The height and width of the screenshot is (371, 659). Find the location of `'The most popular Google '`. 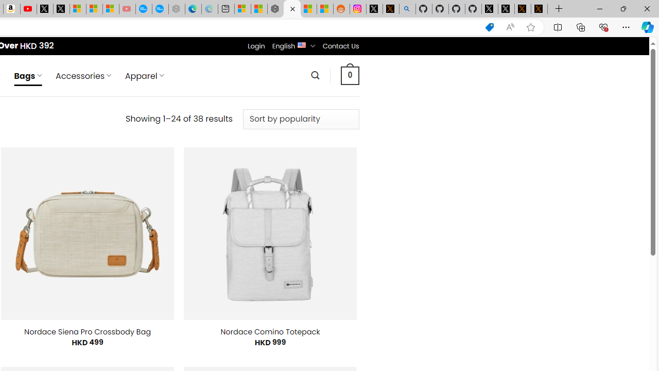

'The most popular Google ' is located at coordinates (160, 9).